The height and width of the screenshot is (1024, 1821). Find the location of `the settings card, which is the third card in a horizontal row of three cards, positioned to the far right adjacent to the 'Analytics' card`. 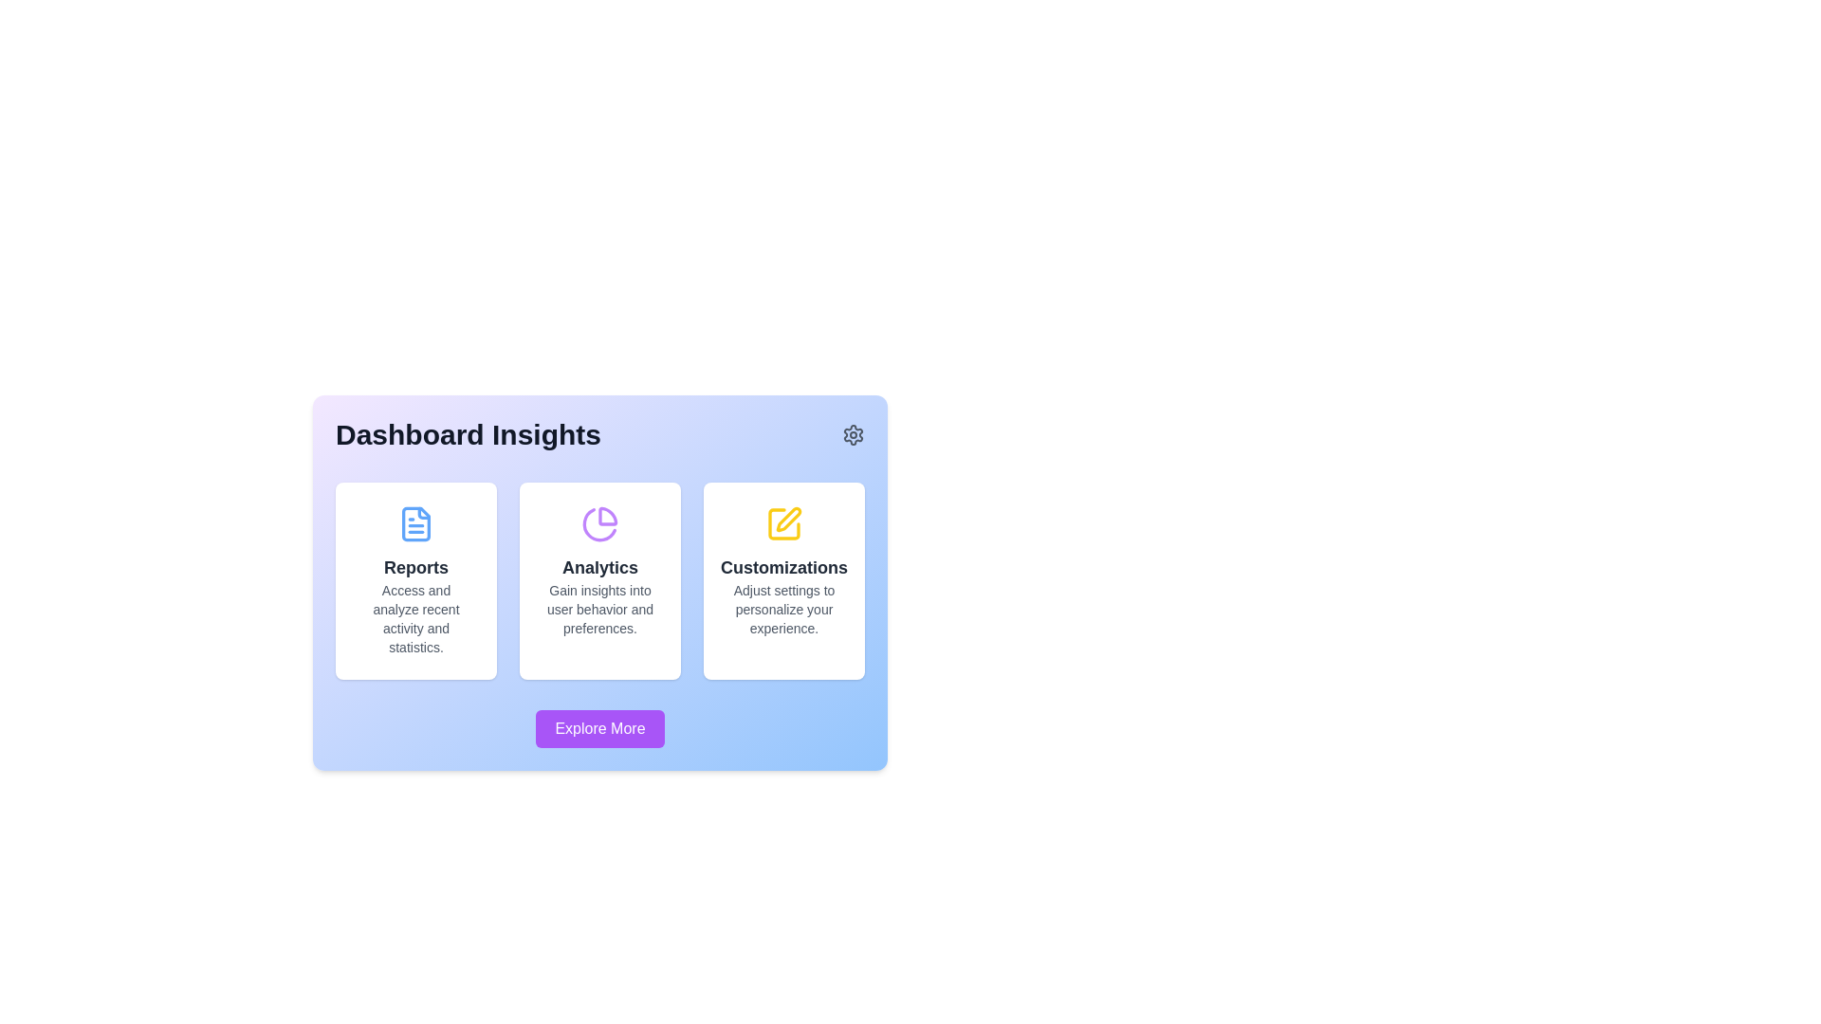

the settings card, which is the third card in a horizontal row of three cards, positioned to the far right adjacent to the 'Analytics' card is located at coordinates (783, 580).